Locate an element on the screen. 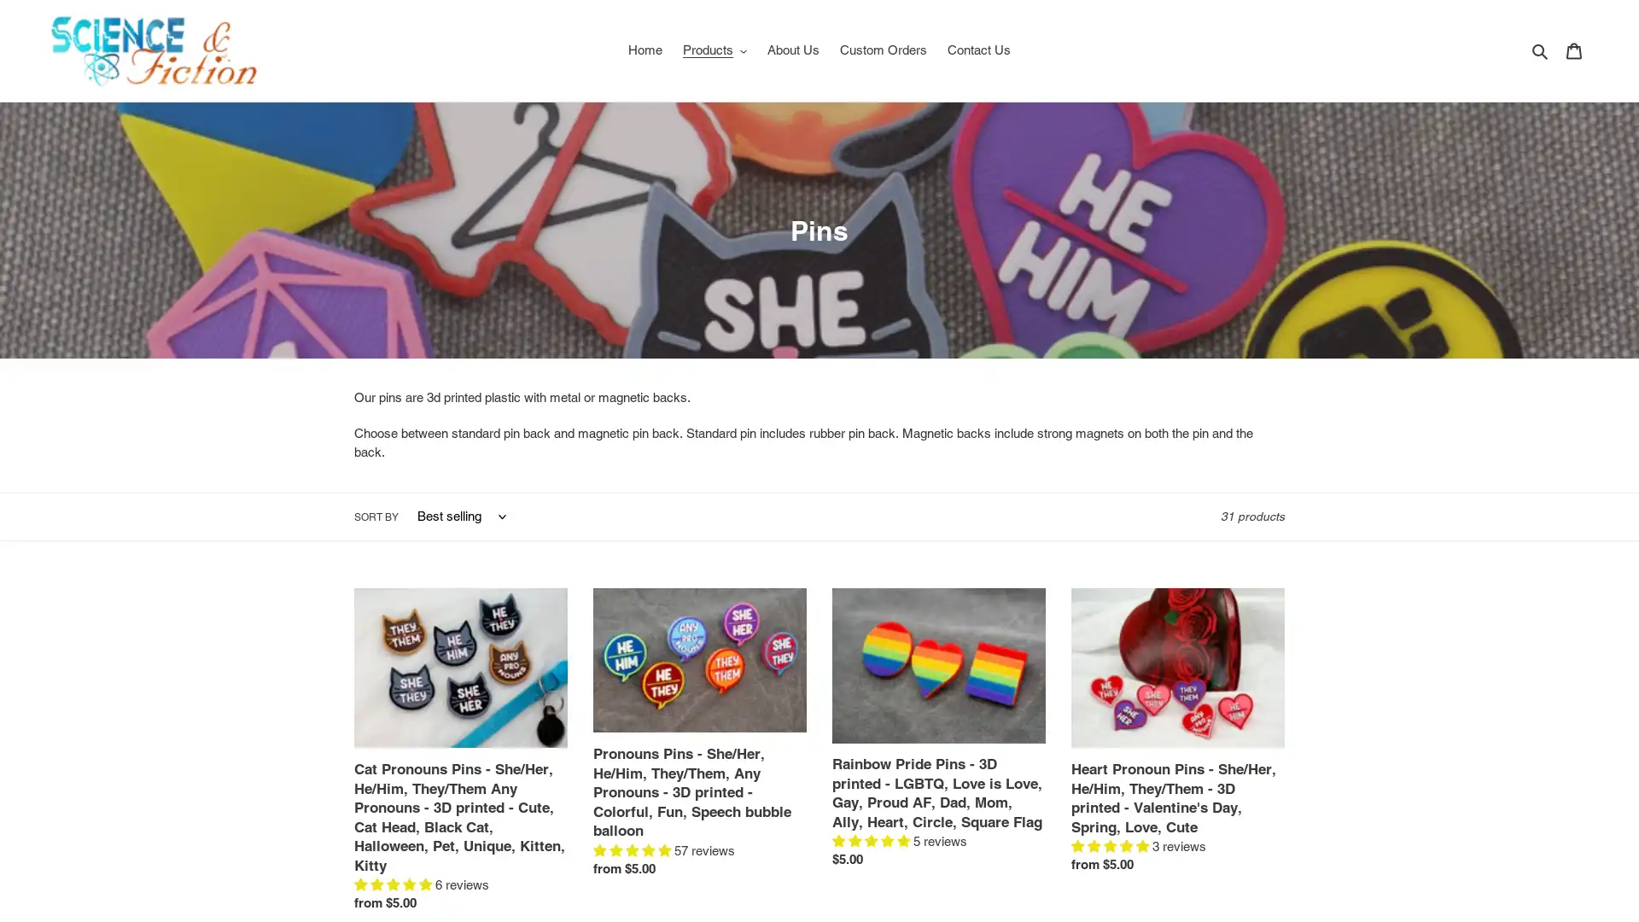 The width and height of the screenshot is (1639, 922). 4.98 stars is located at coordinates (633, 849).